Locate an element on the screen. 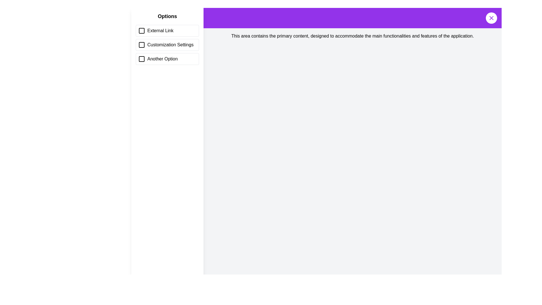 Image resolution: width=542 pixels, height=305 pixels. the Static Text Block located directly below the purple header bar, which explains the features and functionalities available in the primary content area is located at coordinates (352, 36).